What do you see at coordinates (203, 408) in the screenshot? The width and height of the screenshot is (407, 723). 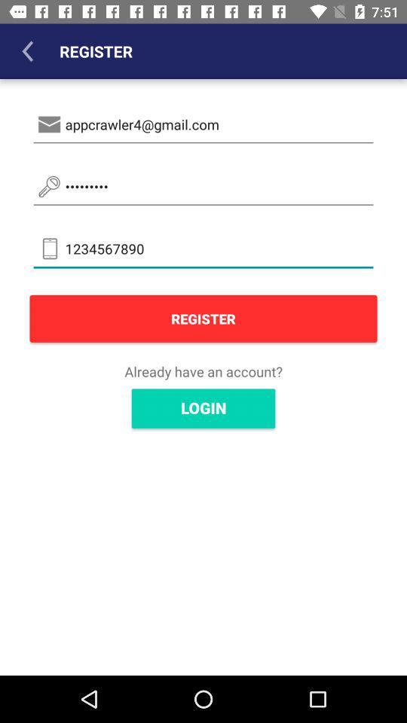 I see `item below the already have an icon` at bounding box center [203, 408].